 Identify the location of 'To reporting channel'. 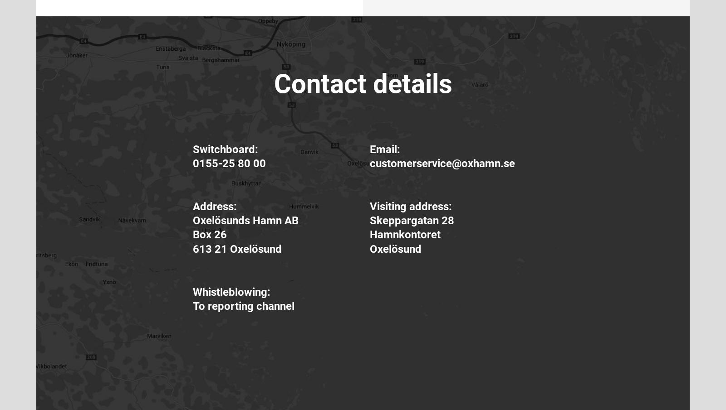
(243, 306).